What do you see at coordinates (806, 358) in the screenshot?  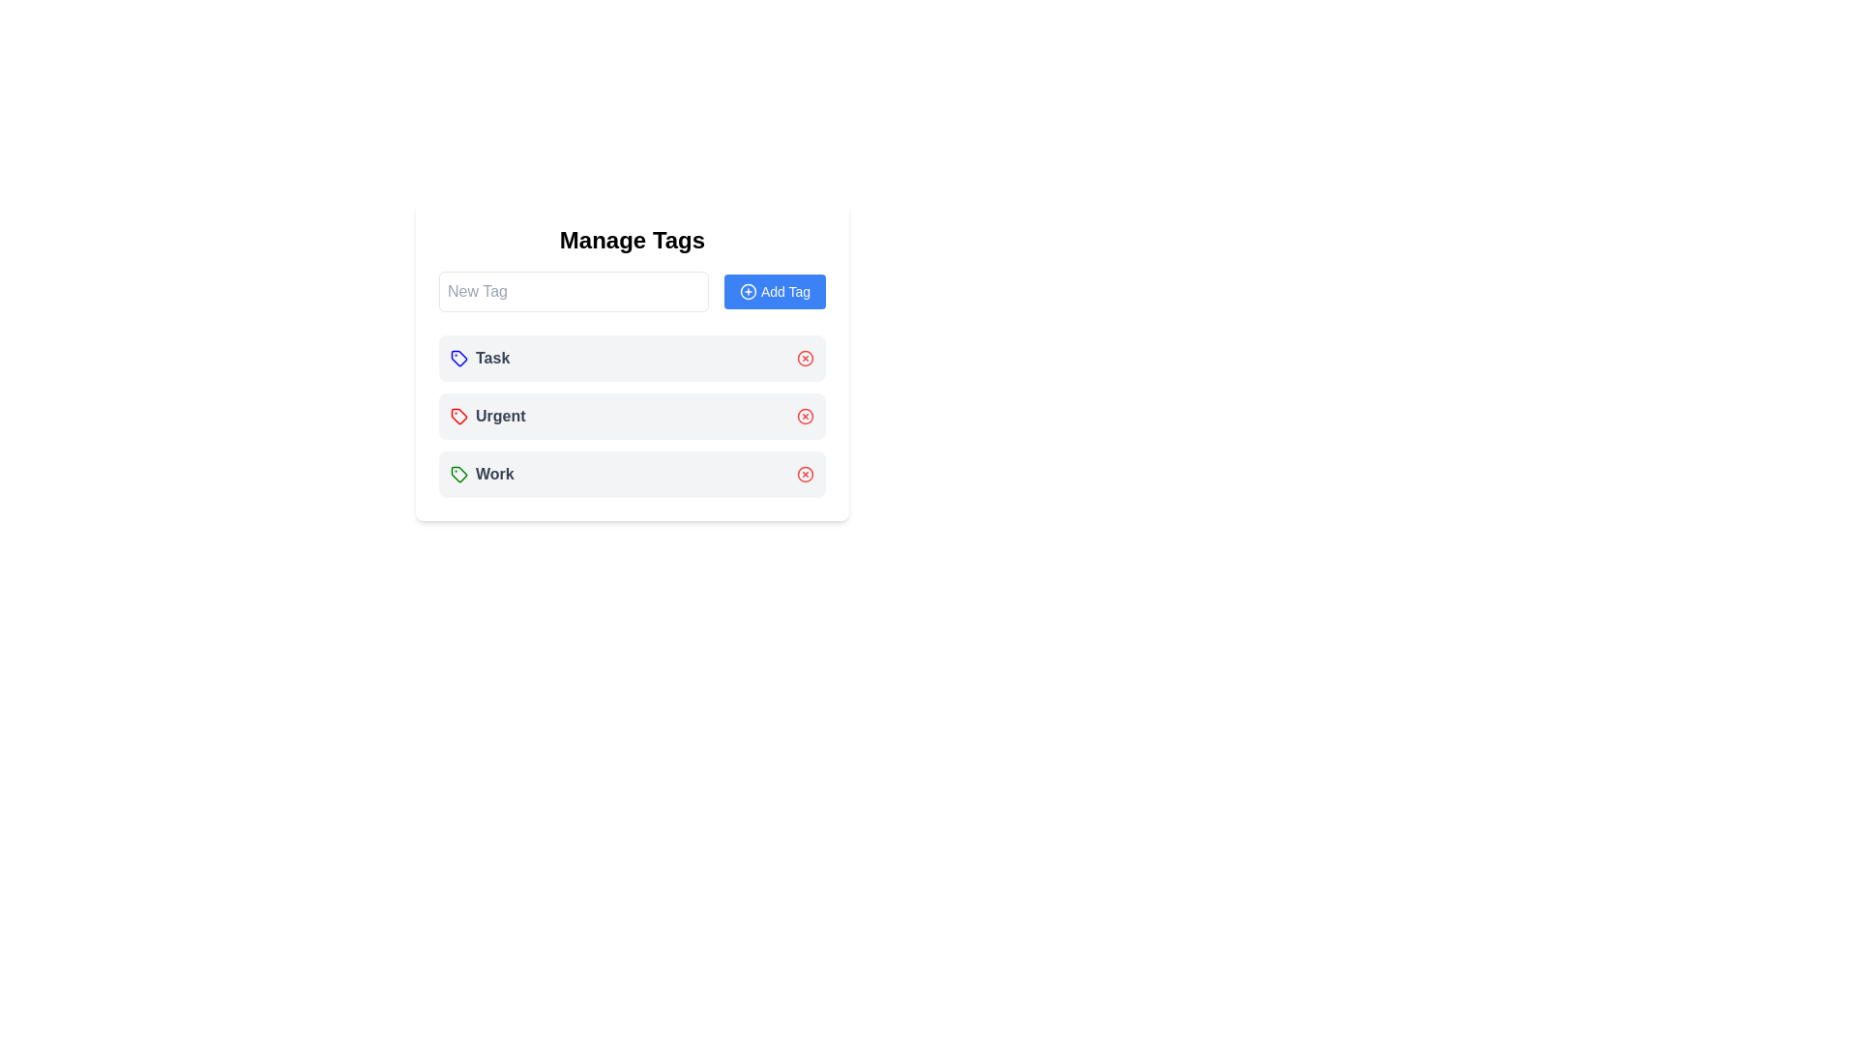 I see `the Circular SVG element that signifies a status or actionable item next to the 'Task' label` at bounding box center [806, 358].